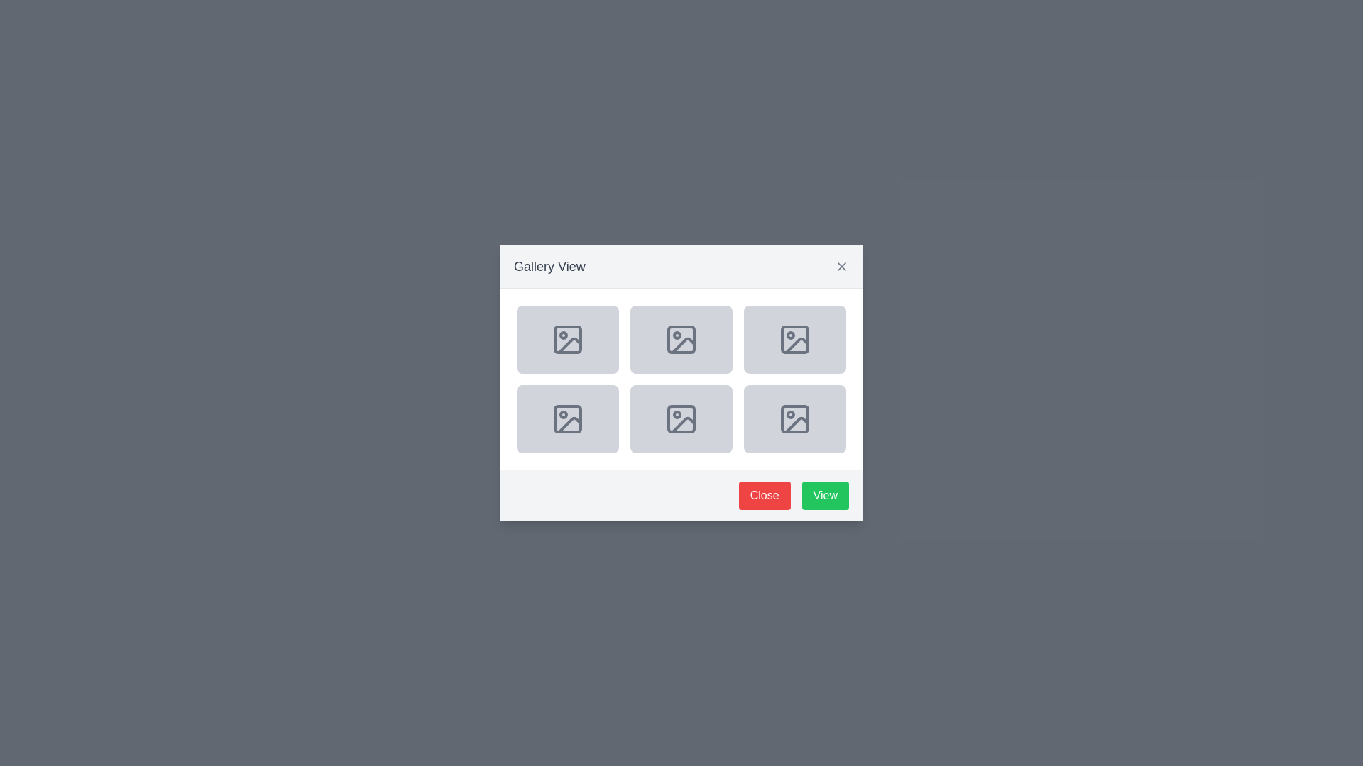  What do you see at coordinates (549, 266) in the screenshot?
I see `the text label located on the left side of the top header section of the modal, which serves as a title for the modal interface` at bounding box center [549, 266].